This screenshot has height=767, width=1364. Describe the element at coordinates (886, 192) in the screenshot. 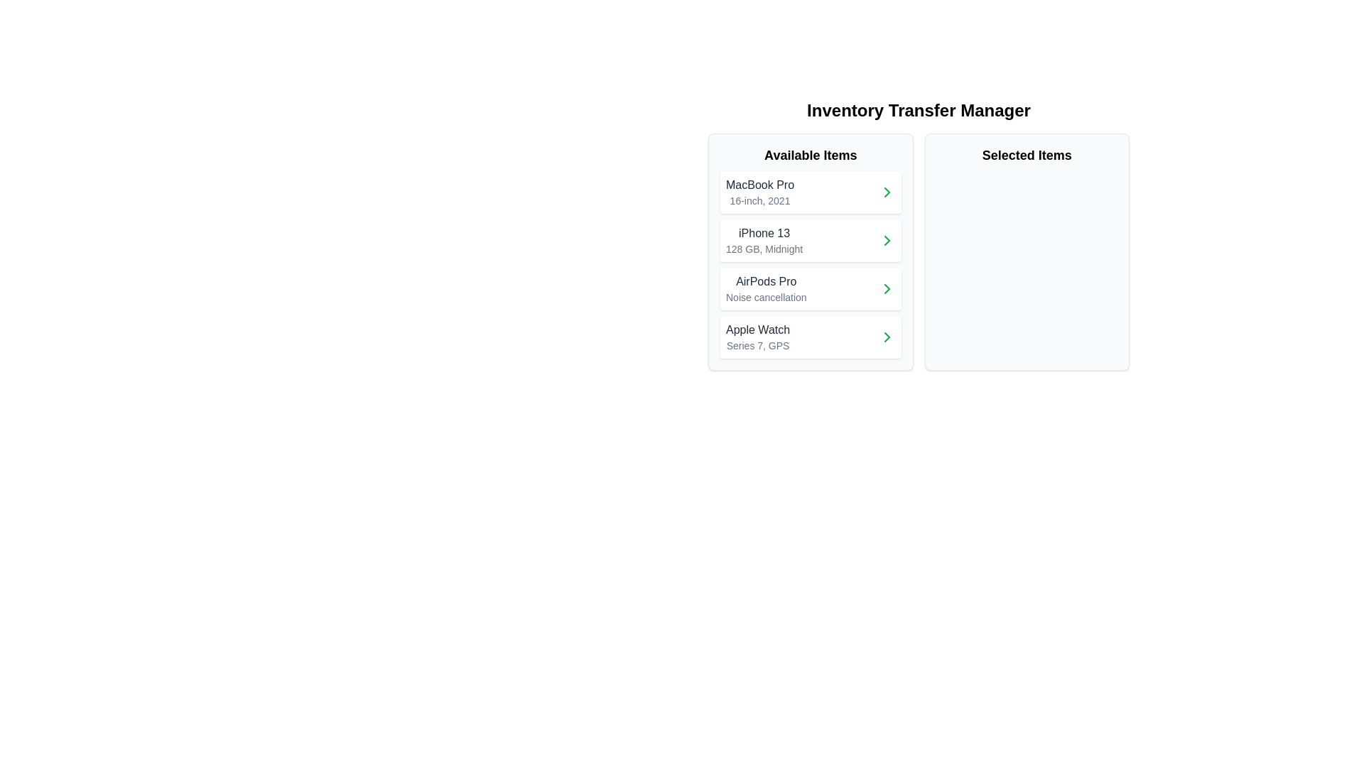

I see `the green right-pointing chevron icon located at the far-right of the 'MacBook Pro' list entry in the 'Available Items' section for visual feedback` at that location.